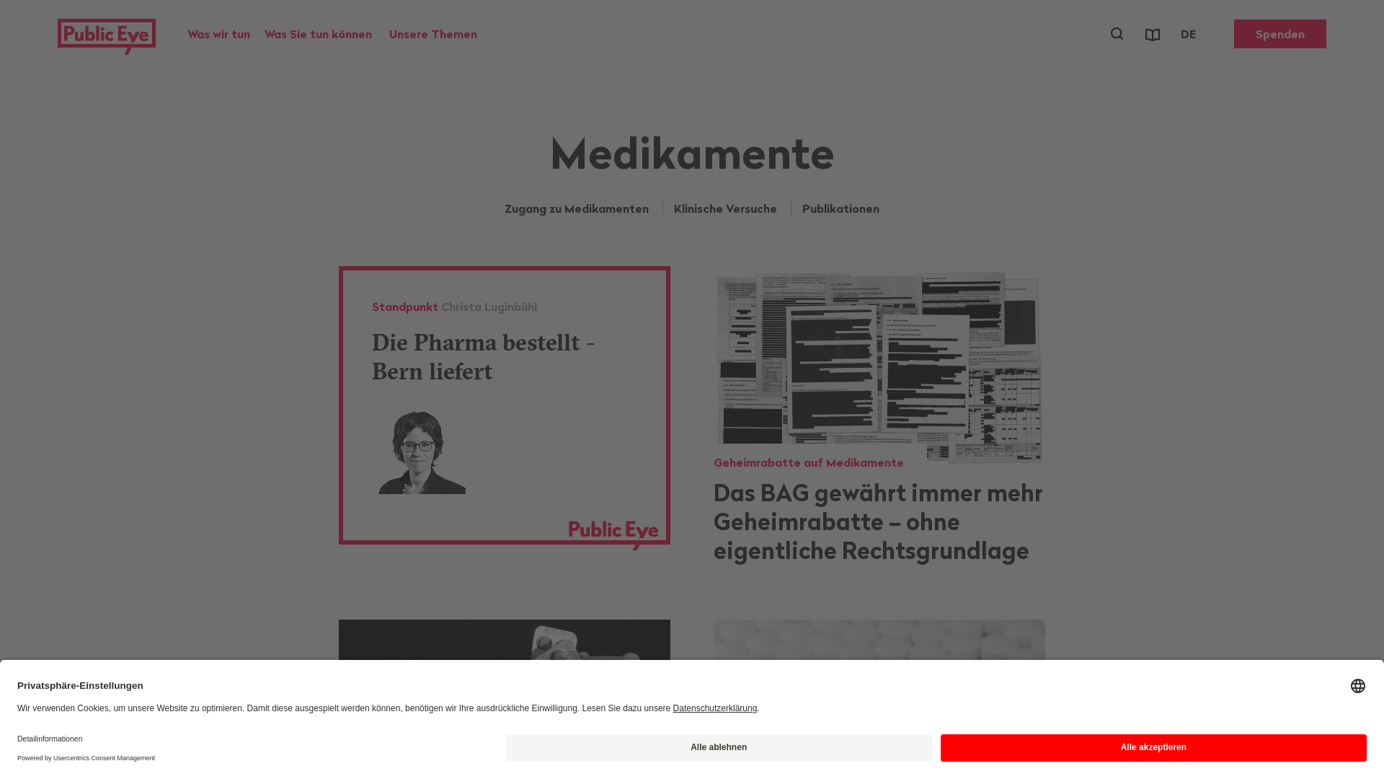 This screenshot has height=779, width=1384. Describe the element at coordinates (389, 32) in the screenshot. I see `'Unsere Themen` at that location.